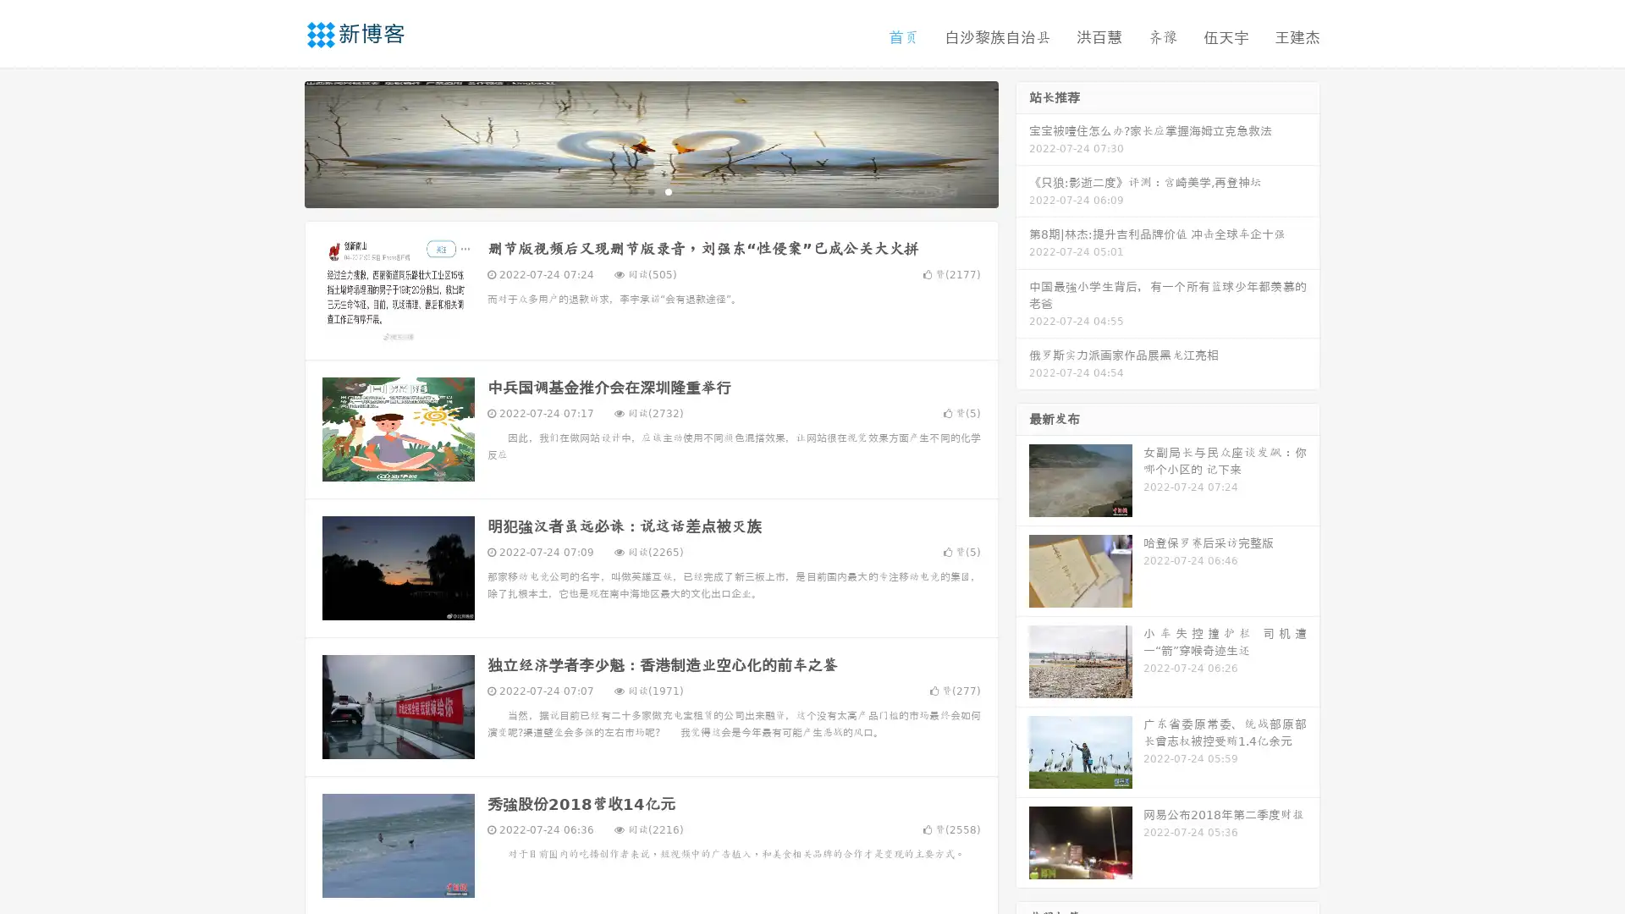 This screenshot has width=1625, height=914. Describe the element at coordinates (650, 190) in the screenshot. I see `Go to slide 2` at that location.